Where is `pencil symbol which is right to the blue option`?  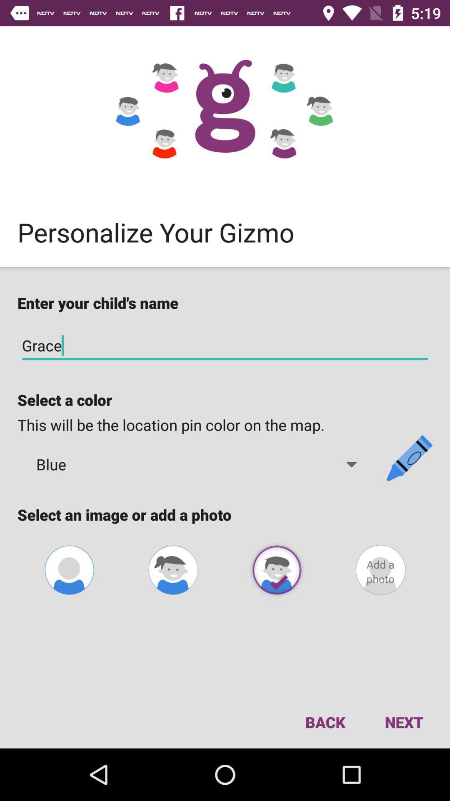
pencil symbol which is right to the blue option is located at coordinates (409, 458).